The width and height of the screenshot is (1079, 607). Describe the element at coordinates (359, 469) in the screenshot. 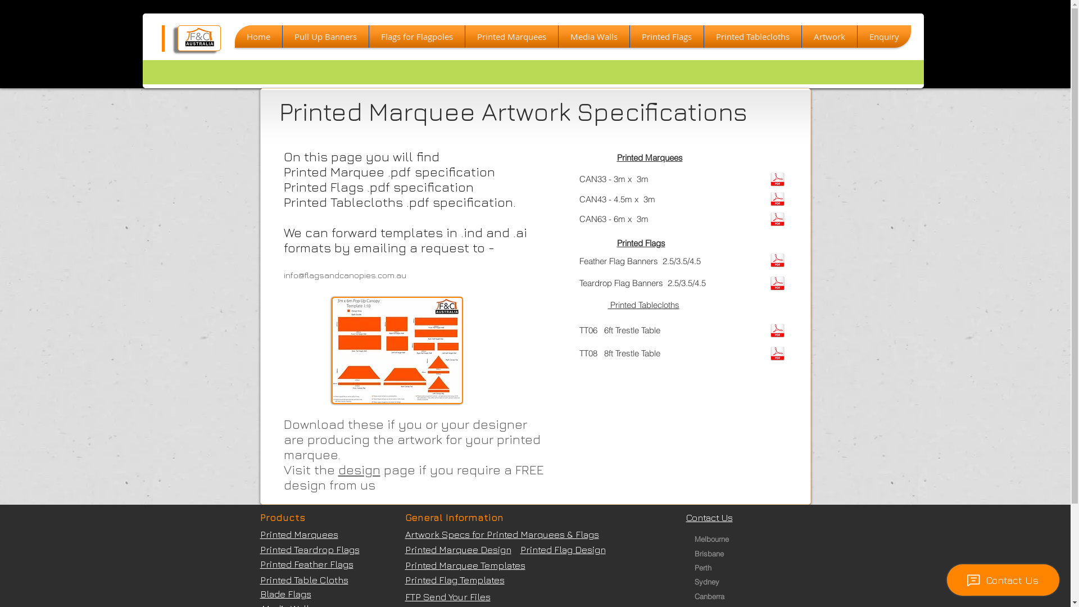

I see `'design'` at that location.